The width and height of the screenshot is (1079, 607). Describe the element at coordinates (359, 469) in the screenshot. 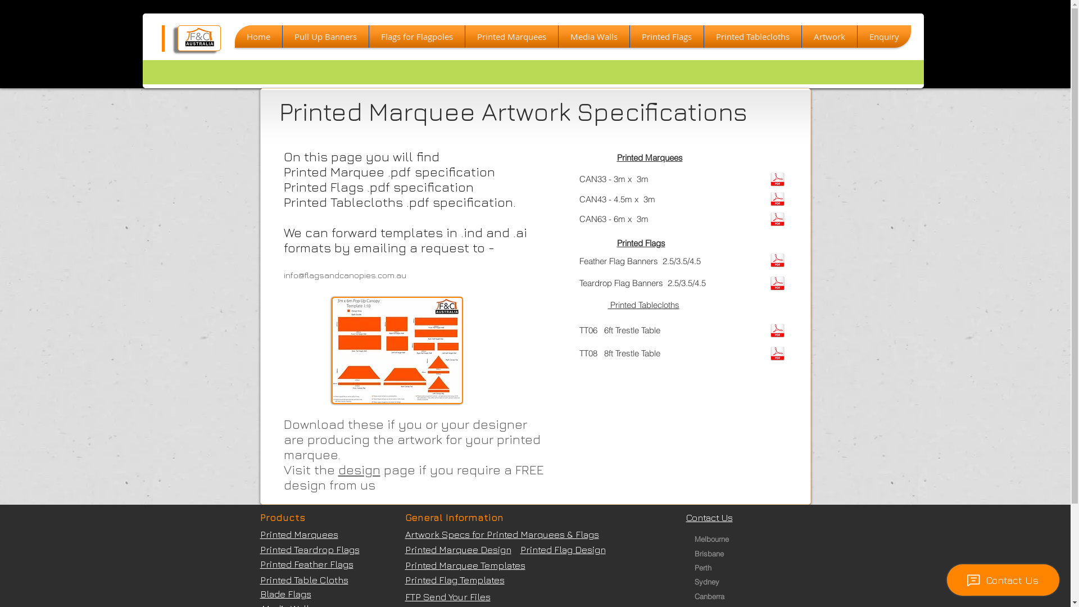

I see `'design'` at that location.